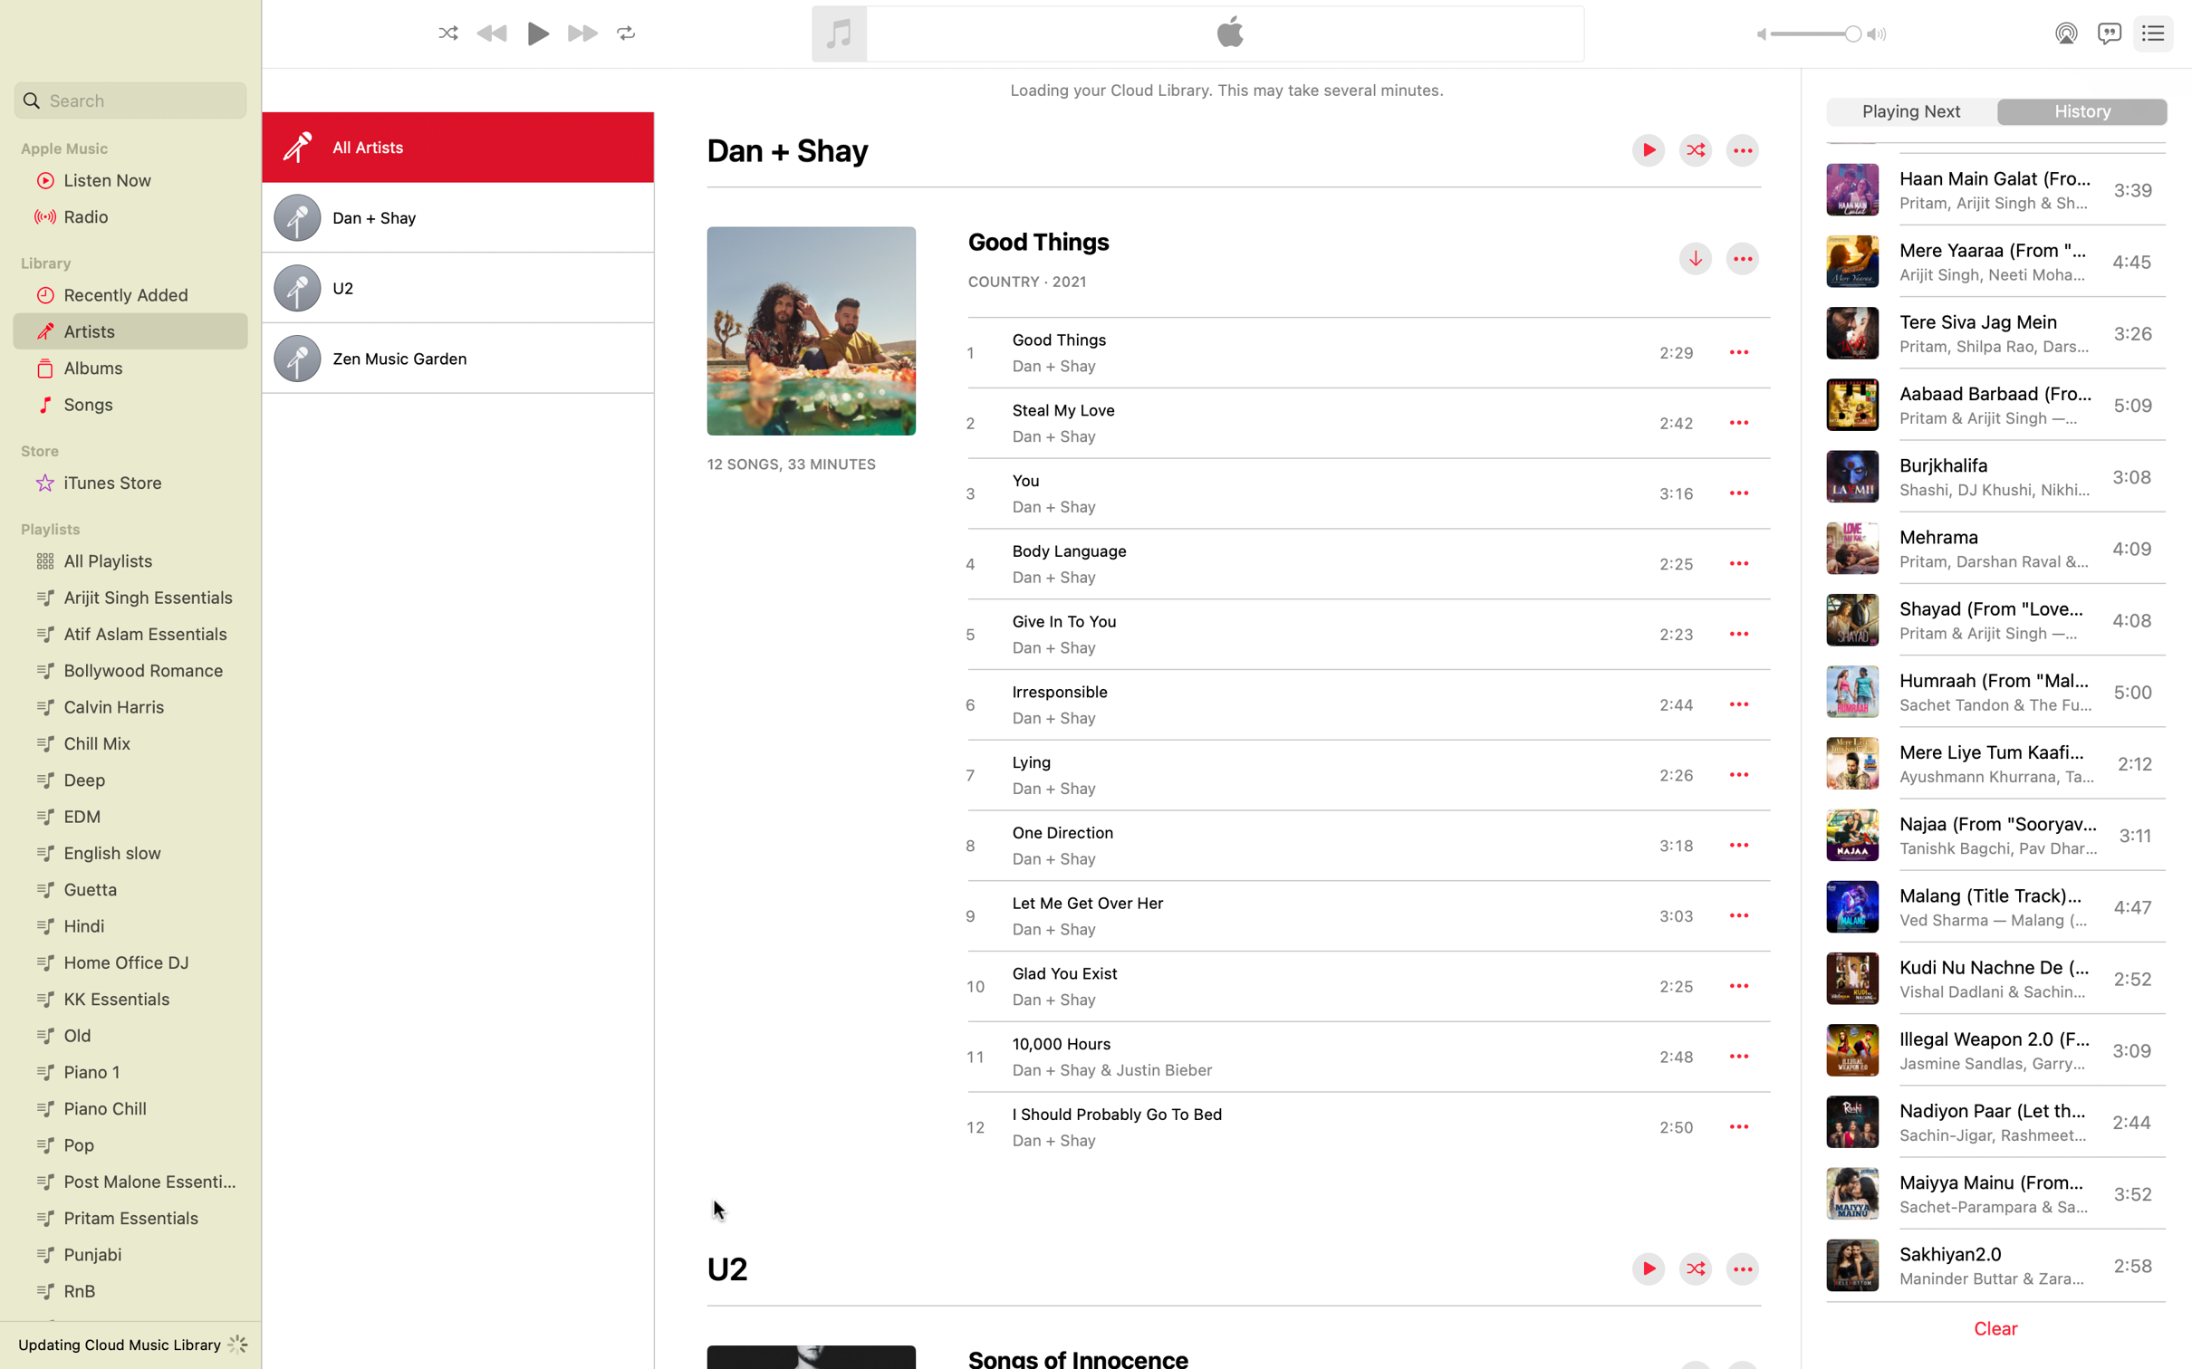 This screenshot has width=2192, height=1369. Describe the element at coordinates (1738, 1056) in the screenshot. I see `Arrange to play the song "1000 hours" at a later point using the extra settings available` at that location.